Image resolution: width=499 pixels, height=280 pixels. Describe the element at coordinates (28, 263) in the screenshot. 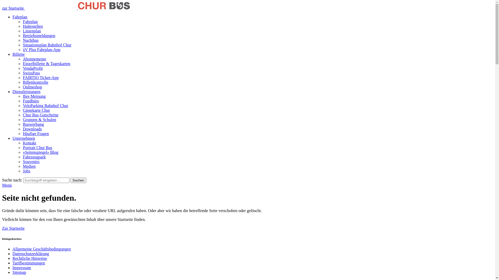

I see `'Tarifbestimmungen'` at that location.